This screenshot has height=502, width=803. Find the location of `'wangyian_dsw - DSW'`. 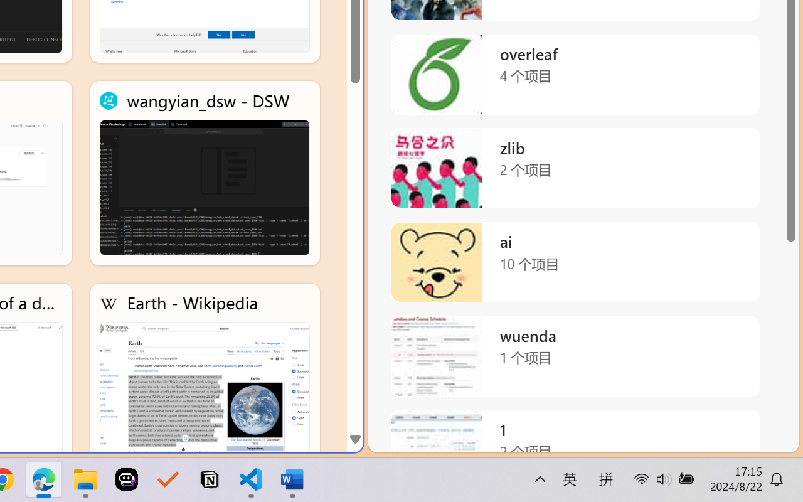

'wangyian_dsw - DSW' is located at coordinates (205, 173).